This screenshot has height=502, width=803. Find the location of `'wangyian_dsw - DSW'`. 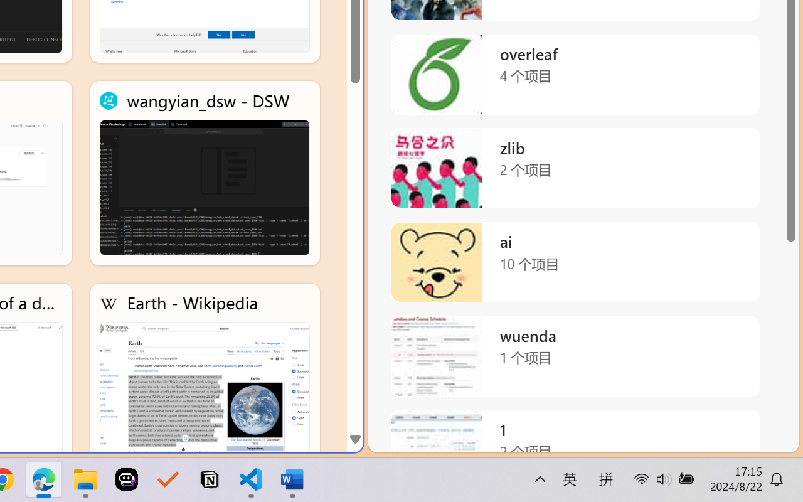

'wangyian_dsw - DSW' is located at coordinates (205, 173).